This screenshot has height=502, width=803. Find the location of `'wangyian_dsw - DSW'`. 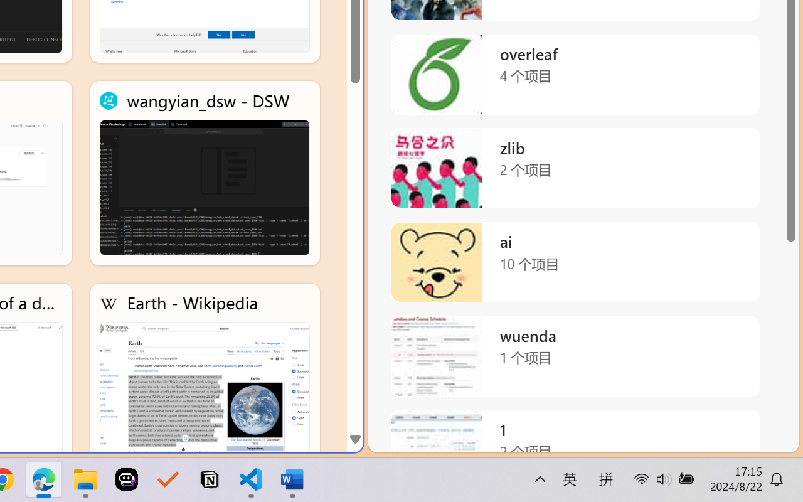

'wangyian_dsw - DSW' is located at coordinates (205, 173).